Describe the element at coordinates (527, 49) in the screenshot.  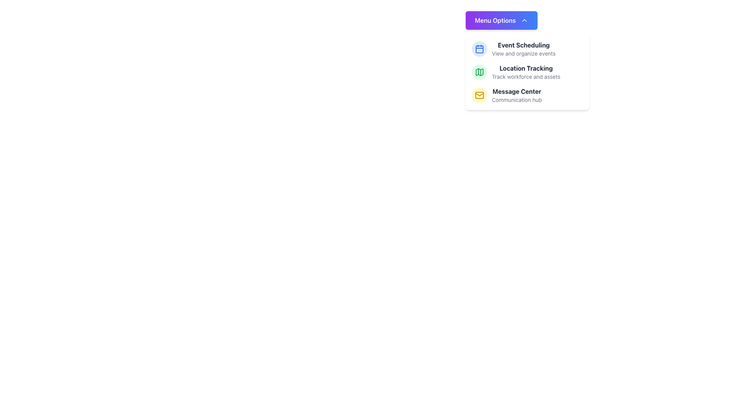
I see `the first menu item under 'Menu Options'` at that location.